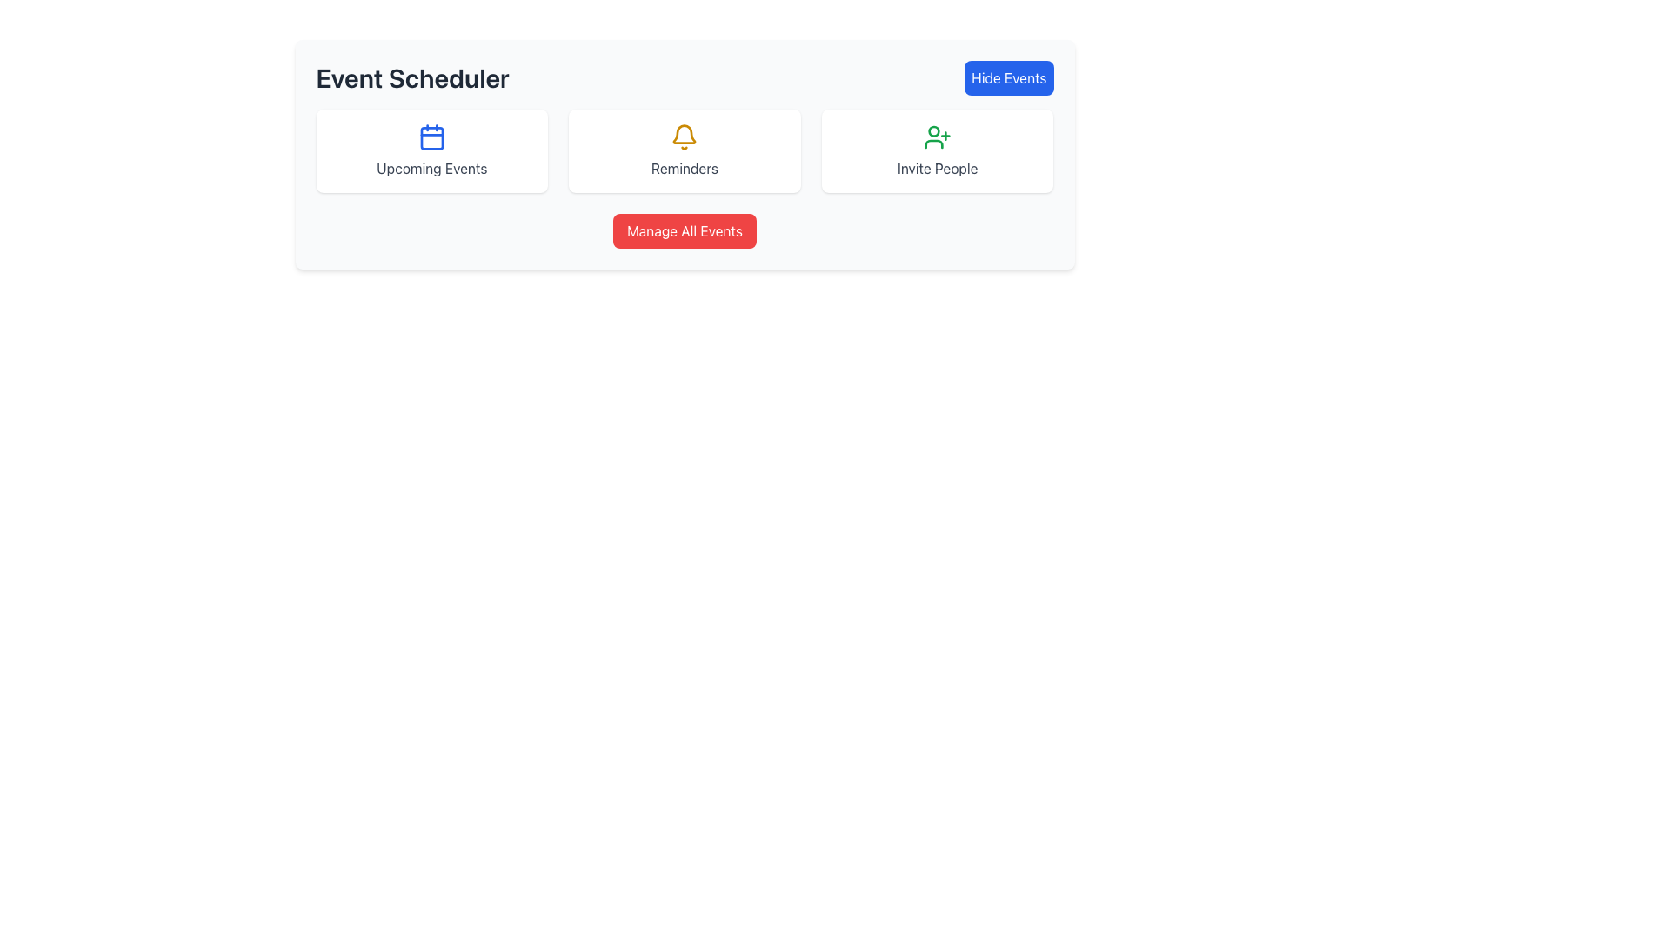 The height and width of the screenshot is (939, 1670). What do you see at coordinates (684, 230) in the screenshot?
I see `the central button below 'Upcoming Events', 'Reminders', and 'Invite People' in the 'Event Scheduler' panel` at bounding box center [684, 230].